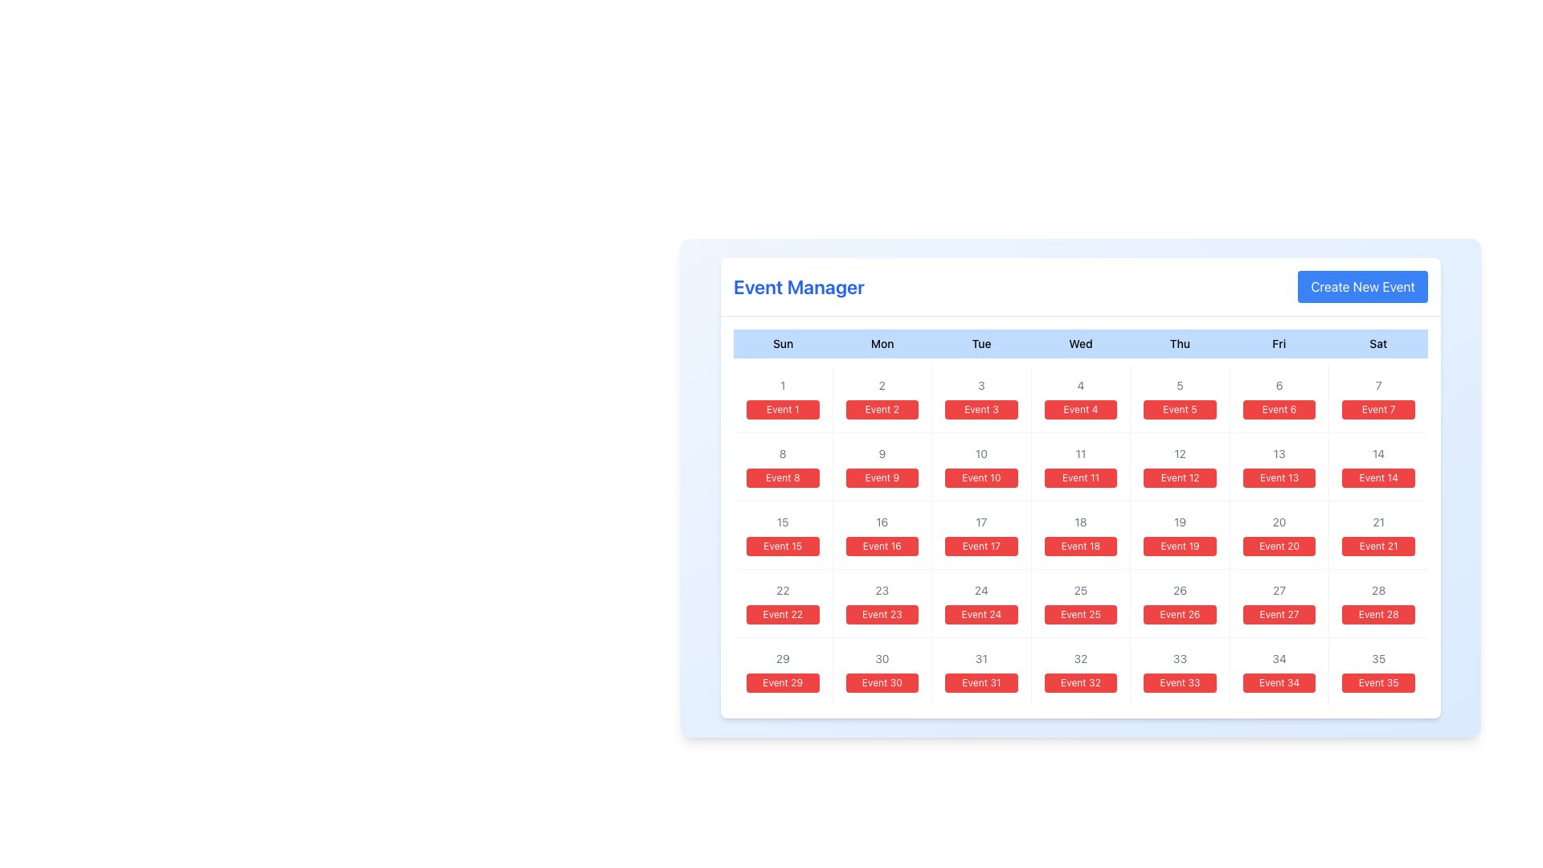 This screenshot has height=868, width=1543. Describe the element at coordinates (980, 408) in the screenshot. I see `the button labeled 'Event 3' located below the gray-shaded number '3' in the calendar grid to interact with the event` at that location.